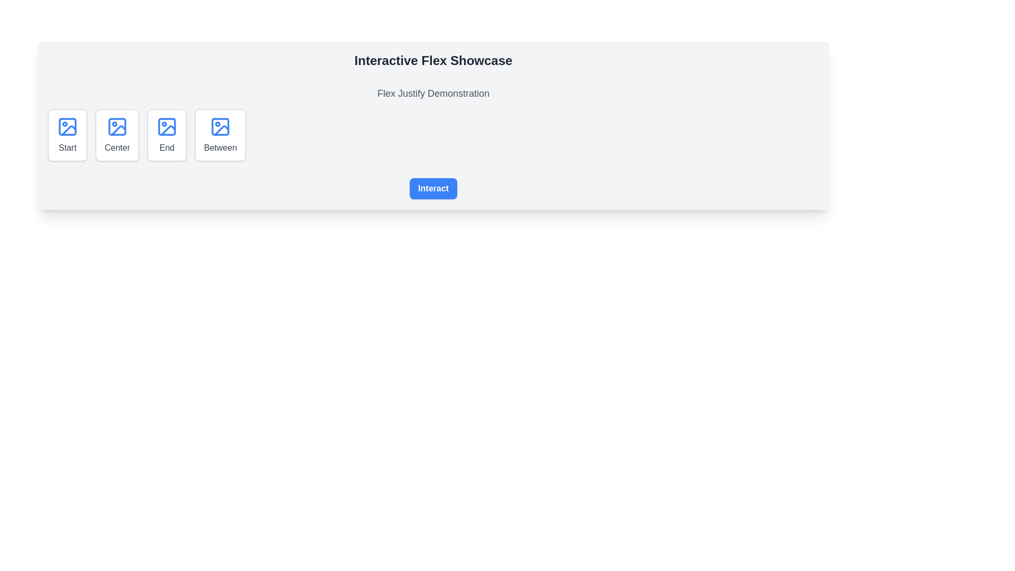 The height and width of the screenshot is (571, 1015). I want to click on the 'Center' alignment button, which is a compound component consisting of an icon and a text label, located in the middle of a row of four panels between 'Start' and 'End', so click(117, 134).